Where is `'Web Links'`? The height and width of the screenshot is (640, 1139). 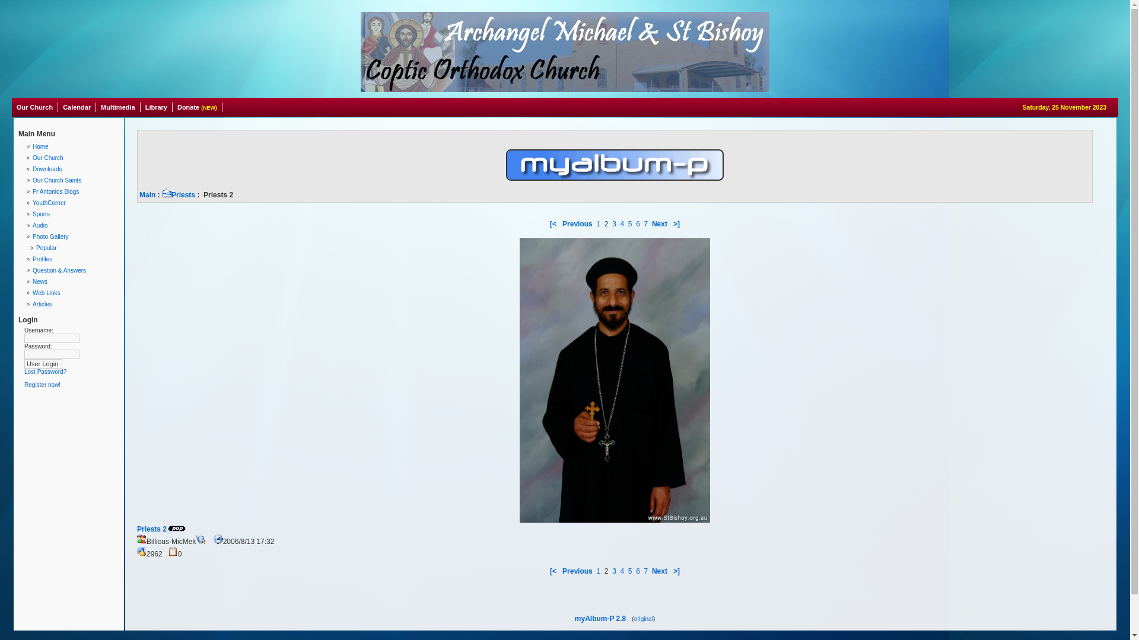
'Web Links' is located at coordinates (71, 293).